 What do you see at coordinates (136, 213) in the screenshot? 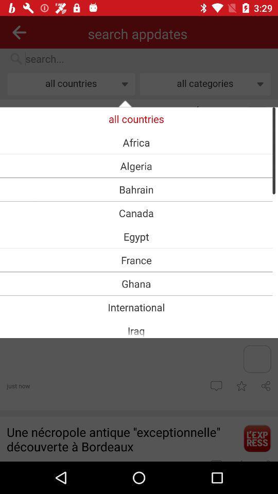
I see `canada` at bounding box center [136, 213].